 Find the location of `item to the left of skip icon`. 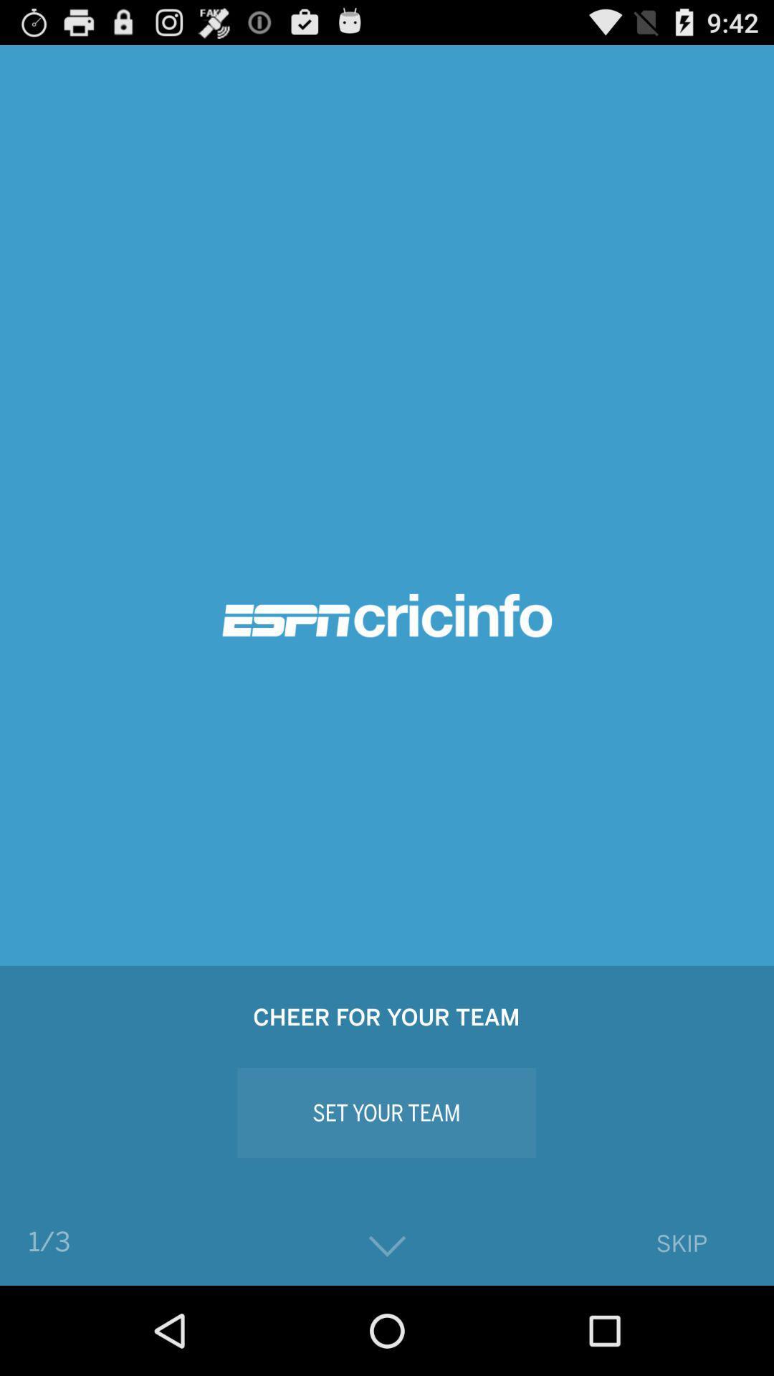

item to the left of skip icon is located at coordinates (387, 1246).